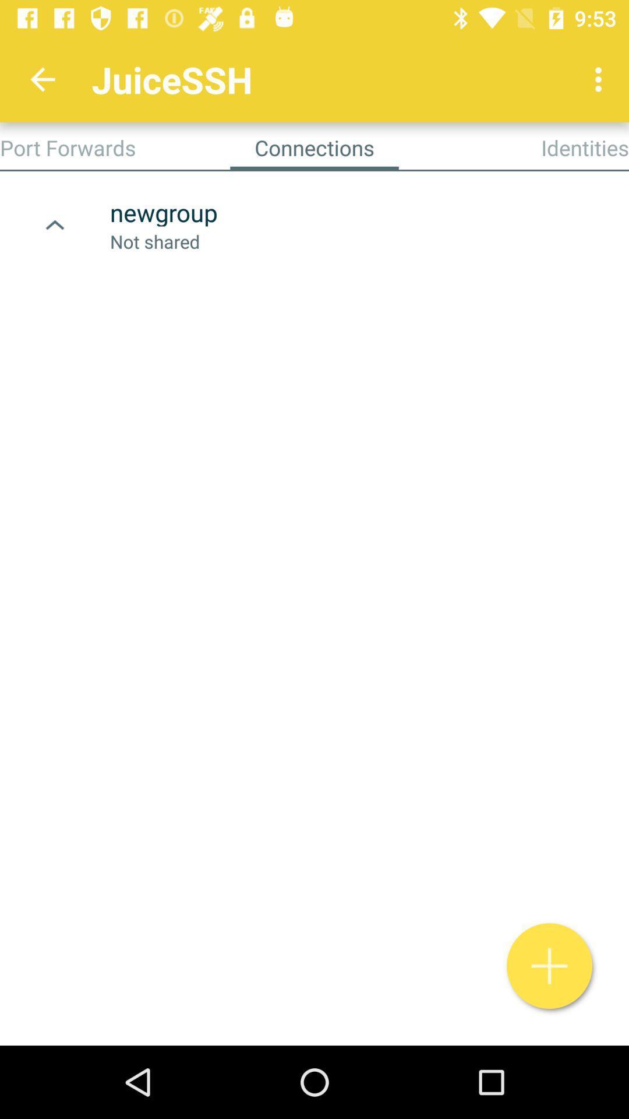  What do you see at coordinates (42, 79) in the screenshot?
I see `the item next to the juicessh app` at bounding box center [42, 79].